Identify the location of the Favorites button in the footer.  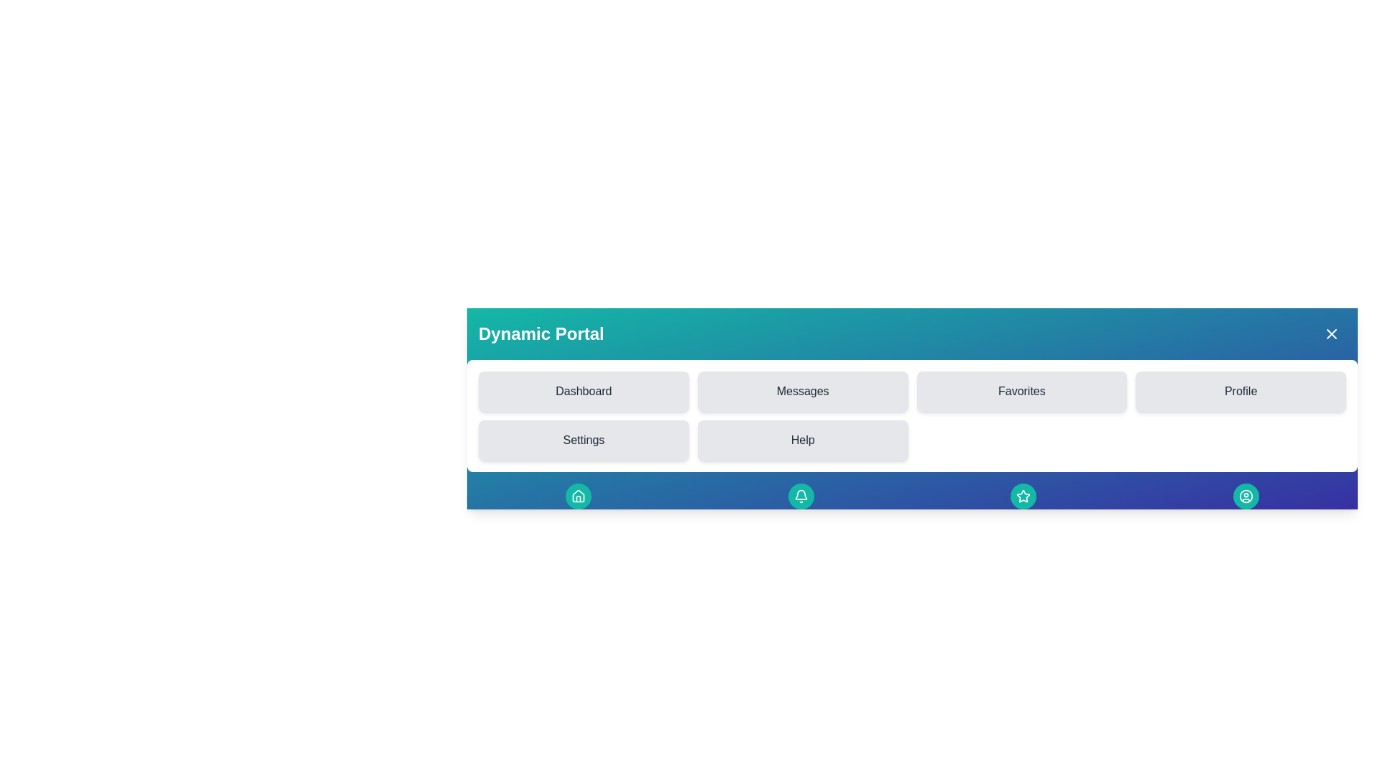
(1023, 495).